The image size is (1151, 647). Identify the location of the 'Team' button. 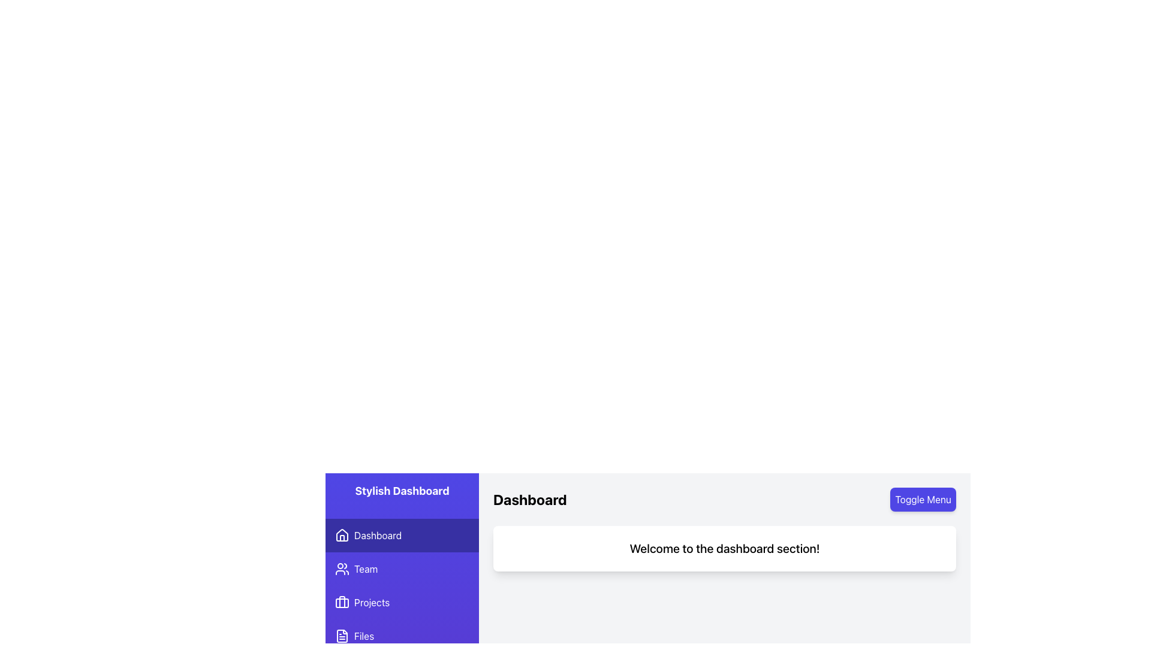
(402, 568).